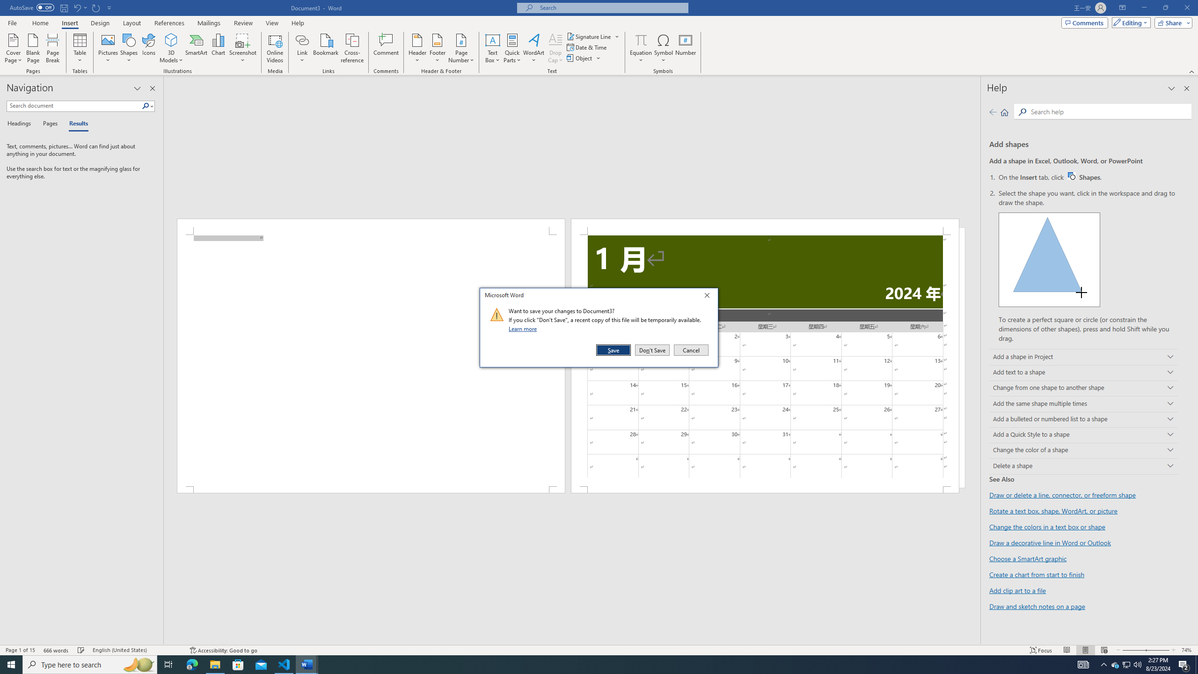 This screenshot has width=1198, height=674. Describe the element at coordinates (524, 328) in the screenshot. I see `'Learn more'` at that location.